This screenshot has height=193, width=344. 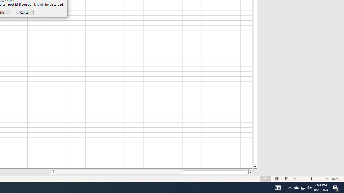 What do you see at coordinates (119, 172) in the screenshot?
I see `'Page left'` at bounding box center [119, 172].